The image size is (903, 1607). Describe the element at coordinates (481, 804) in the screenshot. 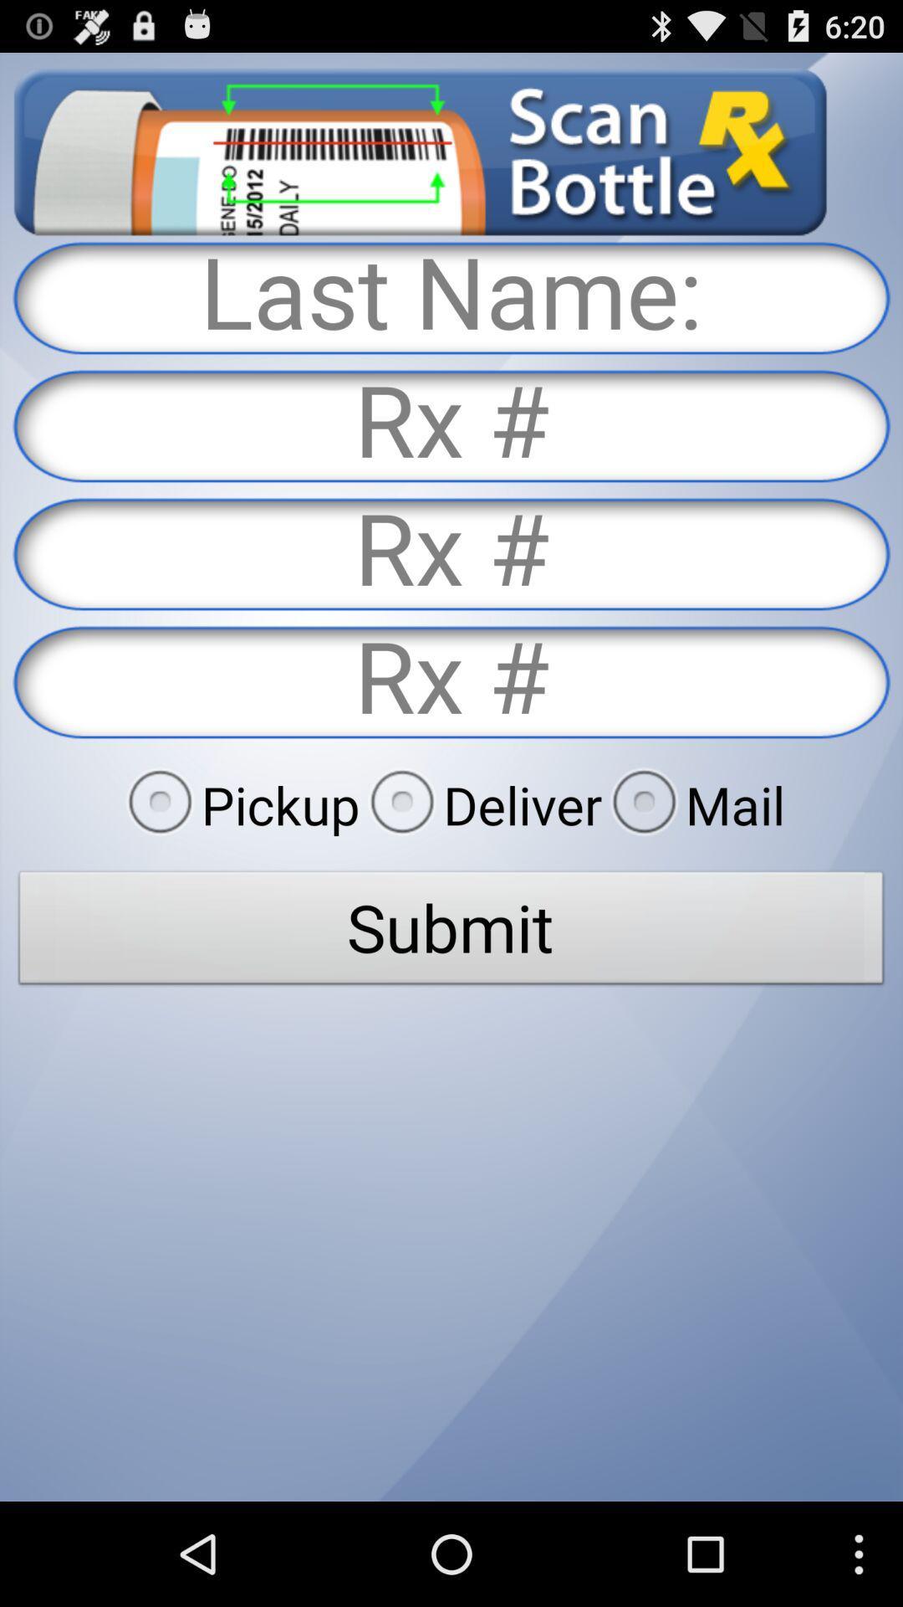

I see `deliver radio button` at that location.